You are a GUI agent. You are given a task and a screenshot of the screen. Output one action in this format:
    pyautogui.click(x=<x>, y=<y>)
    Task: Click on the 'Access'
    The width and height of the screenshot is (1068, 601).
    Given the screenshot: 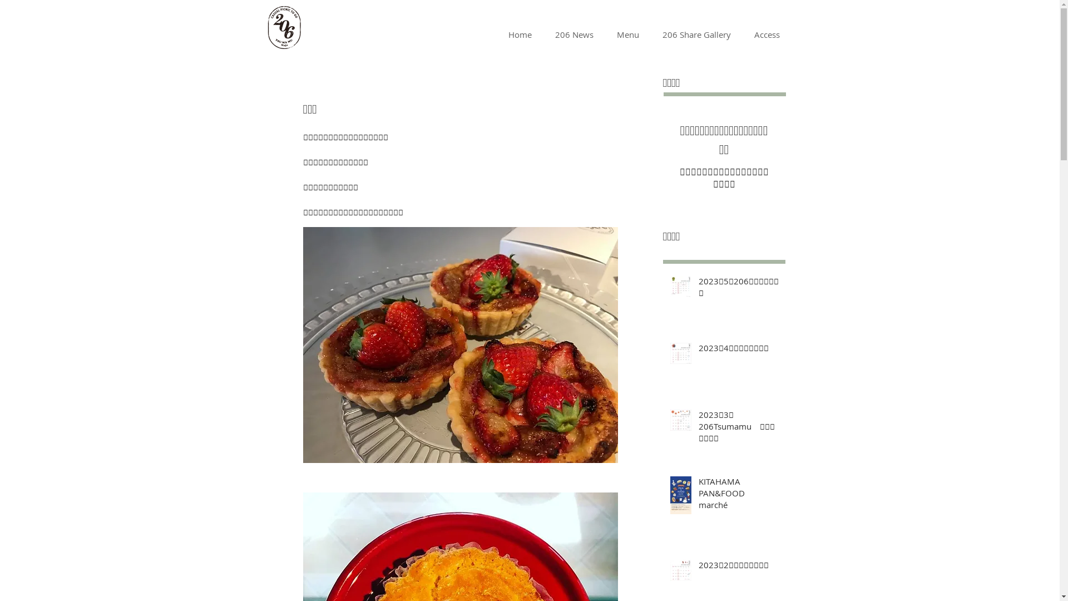 What is the action you would take?
    pyautogui.click(x=765, y=33)
    